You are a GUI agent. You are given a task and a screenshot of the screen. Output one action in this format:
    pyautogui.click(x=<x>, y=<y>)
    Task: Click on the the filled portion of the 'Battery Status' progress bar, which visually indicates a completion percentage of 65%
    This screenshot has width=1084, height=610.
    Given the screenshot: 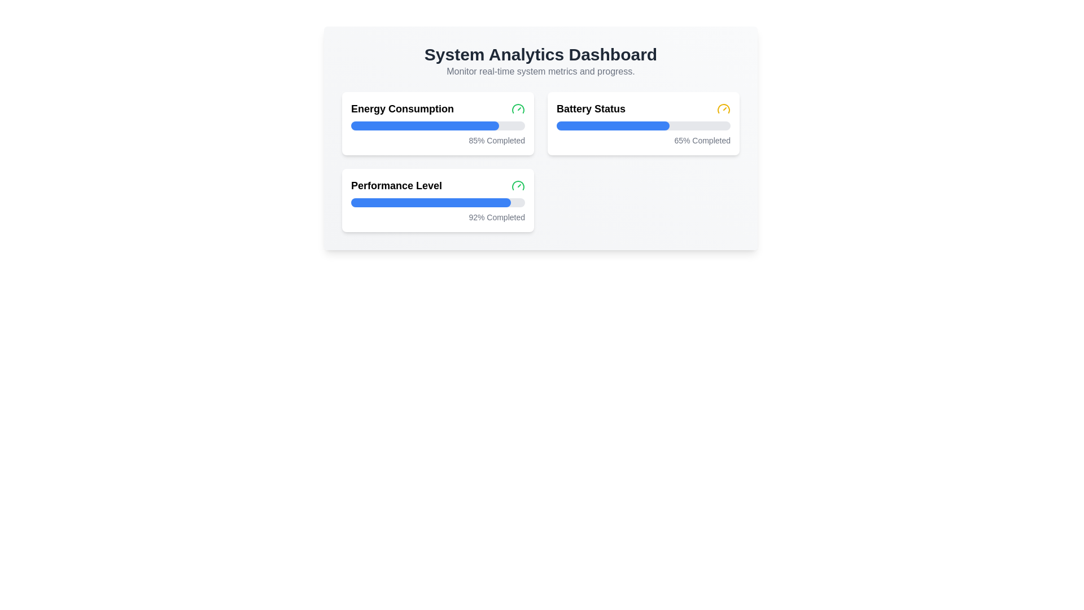 What is the action you would take?
    pyautogui.click(x=613, y=126)
    